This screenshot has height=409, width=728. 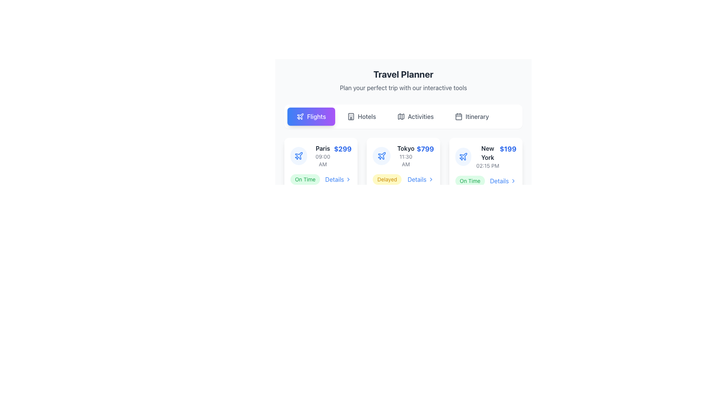 I want to click on the text display element that shows the destination 'New York' and the time '02:15 PM', located at the top-right of the flight details display card, so click(x=488, y=156).